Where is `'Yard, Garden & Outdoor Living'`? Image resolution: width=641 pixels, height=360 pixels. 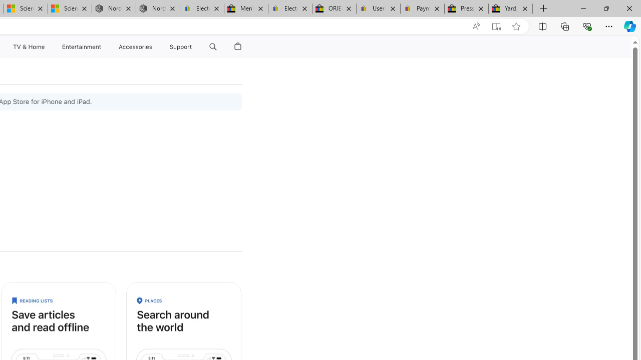
'Yard, Garden & Outdoor Living' is located at coordinates (510, 8).